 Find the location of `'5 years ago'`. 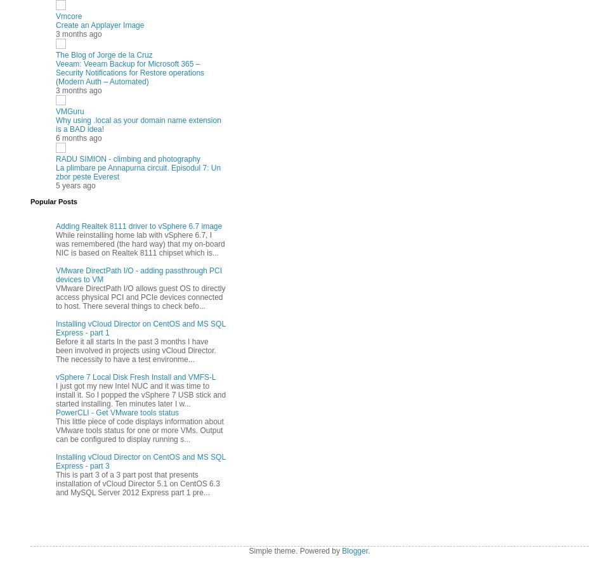

'5 years ago' is located at coordinates (55, 184).